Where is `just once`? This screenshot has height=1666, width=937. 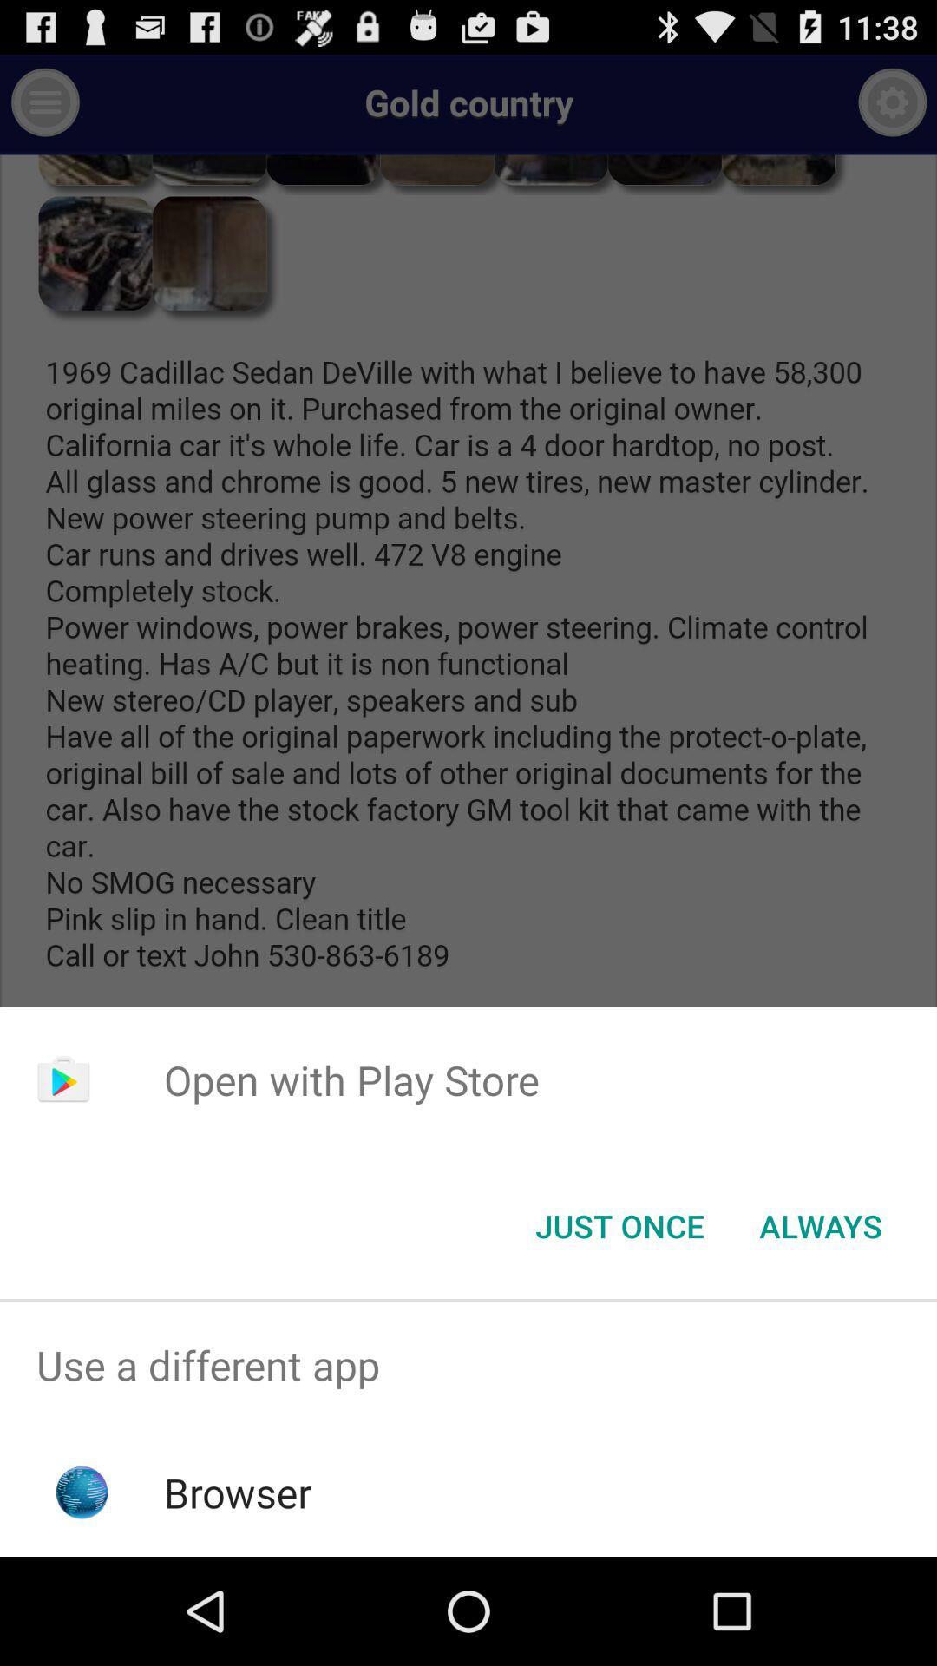 just once is located at coordinates (619, 1224).